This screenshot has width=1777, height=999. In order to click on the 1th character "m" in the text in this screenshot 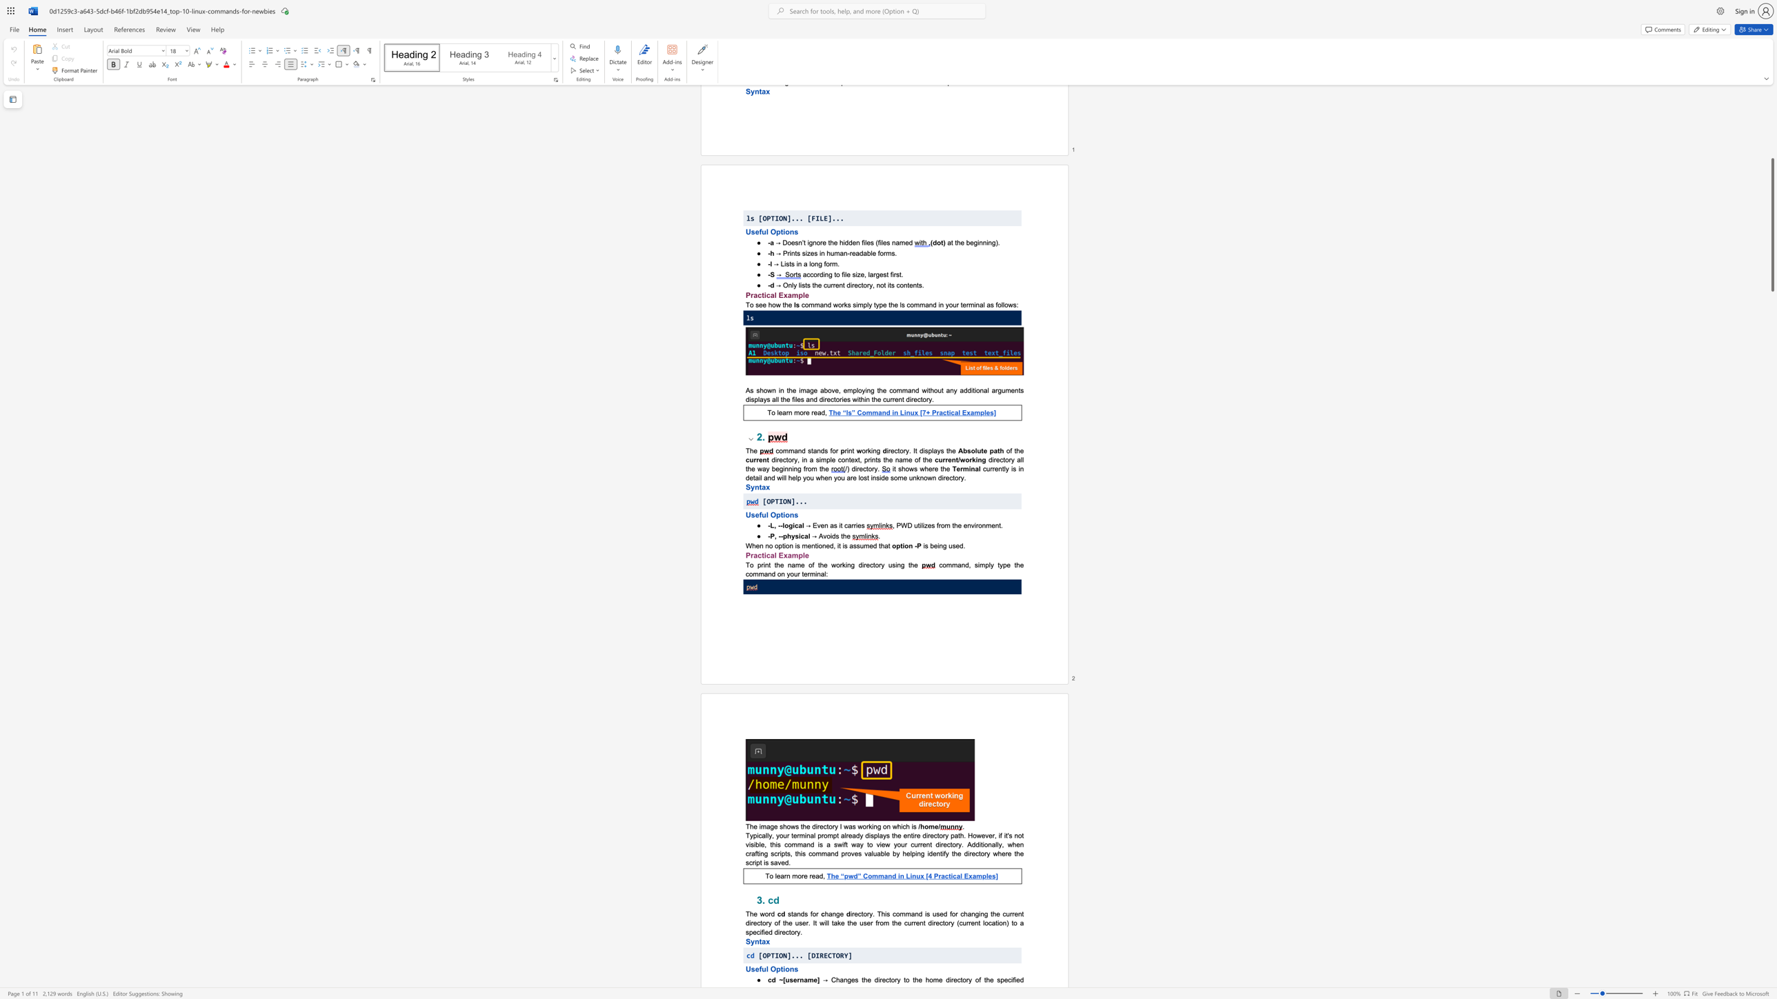, I will do `click(809, 979)`.